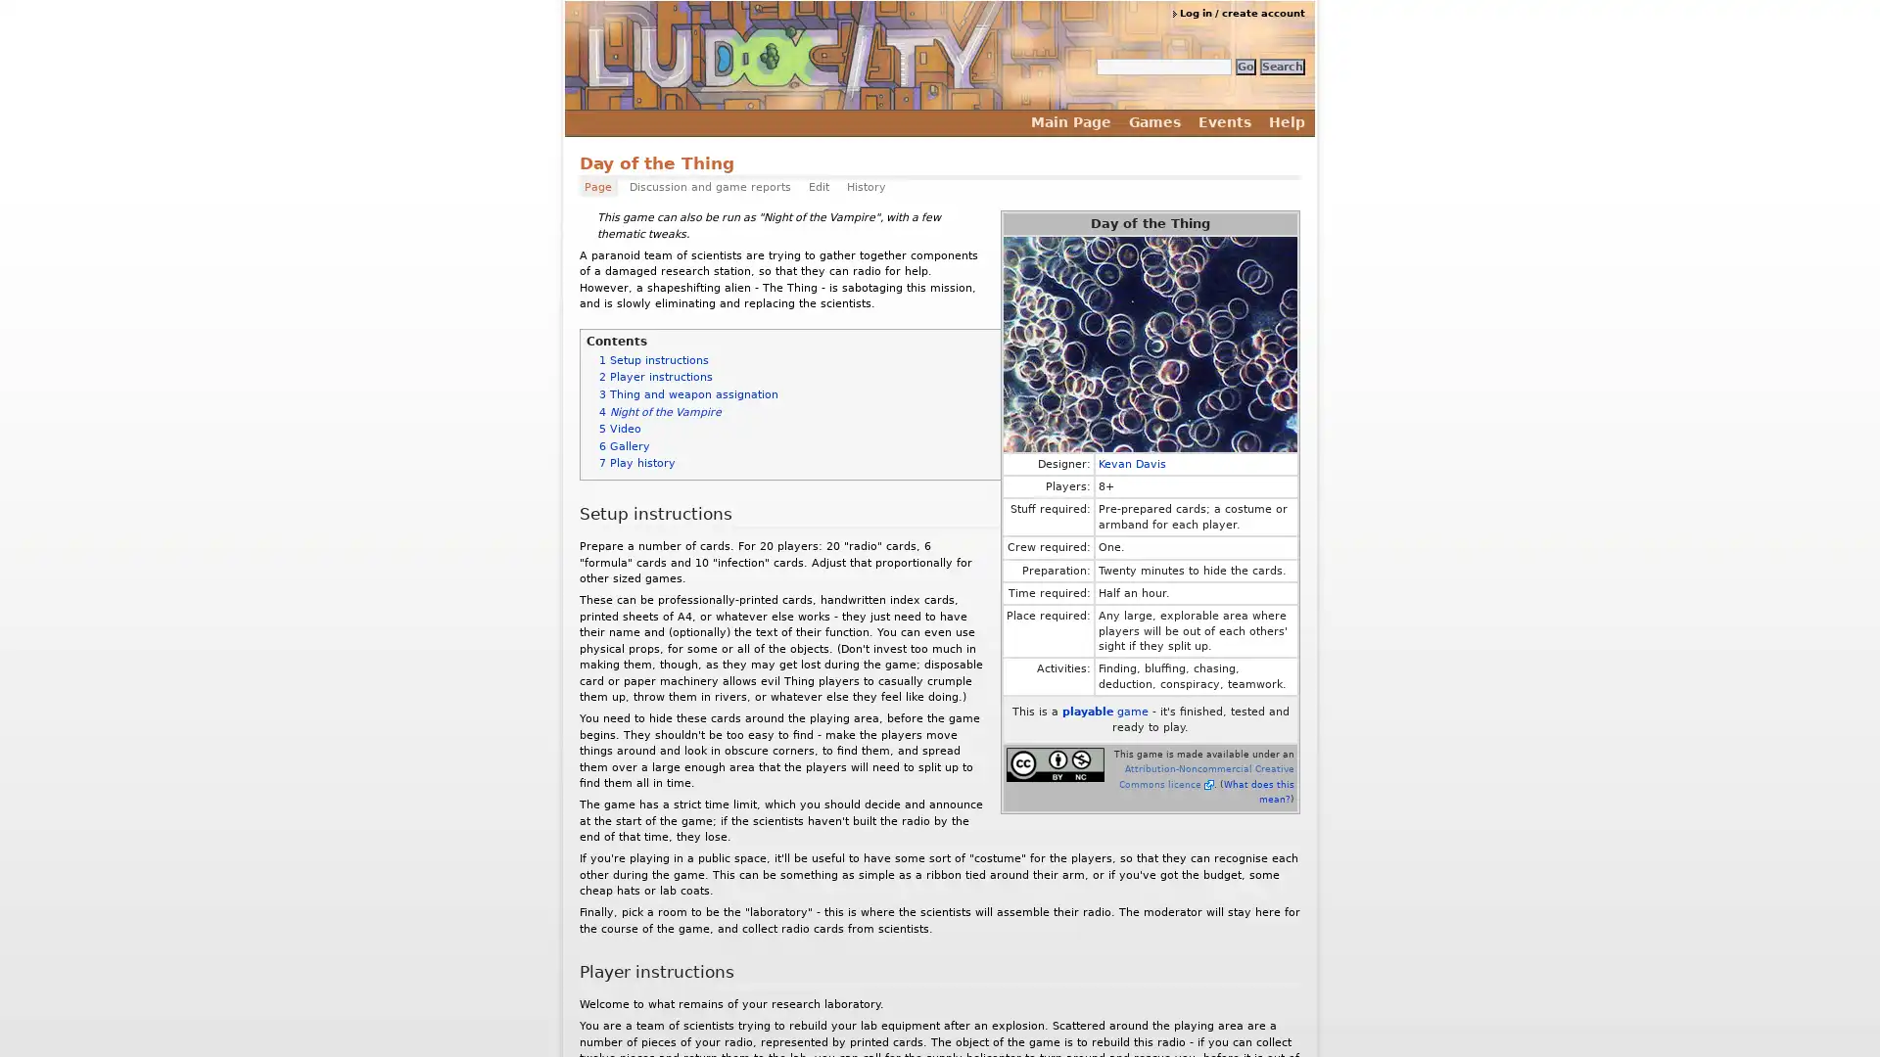 This screenshot has height=1057, width=1880. What do you see at coordinates (1283, 66) in the screenshot?
I see `Search` at bounding box center [1283, 66].